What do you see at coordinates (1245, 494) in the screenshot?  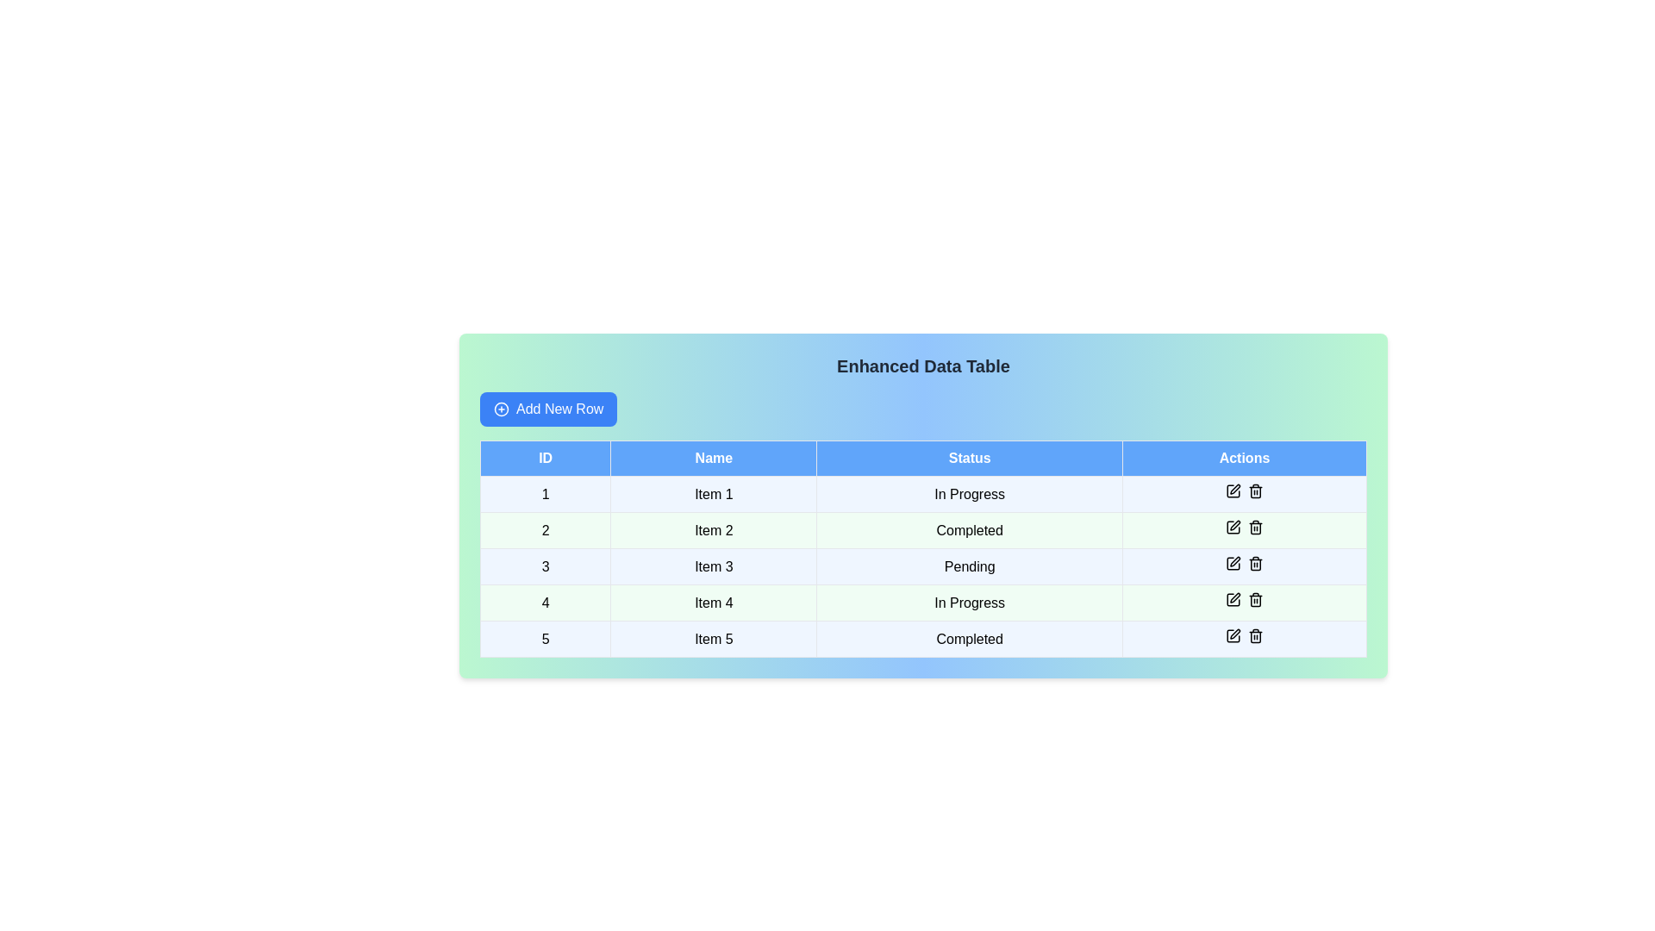 I see `the trash bin icon in the first row of the 'Actions' column` at bounding box center [1245, 494].